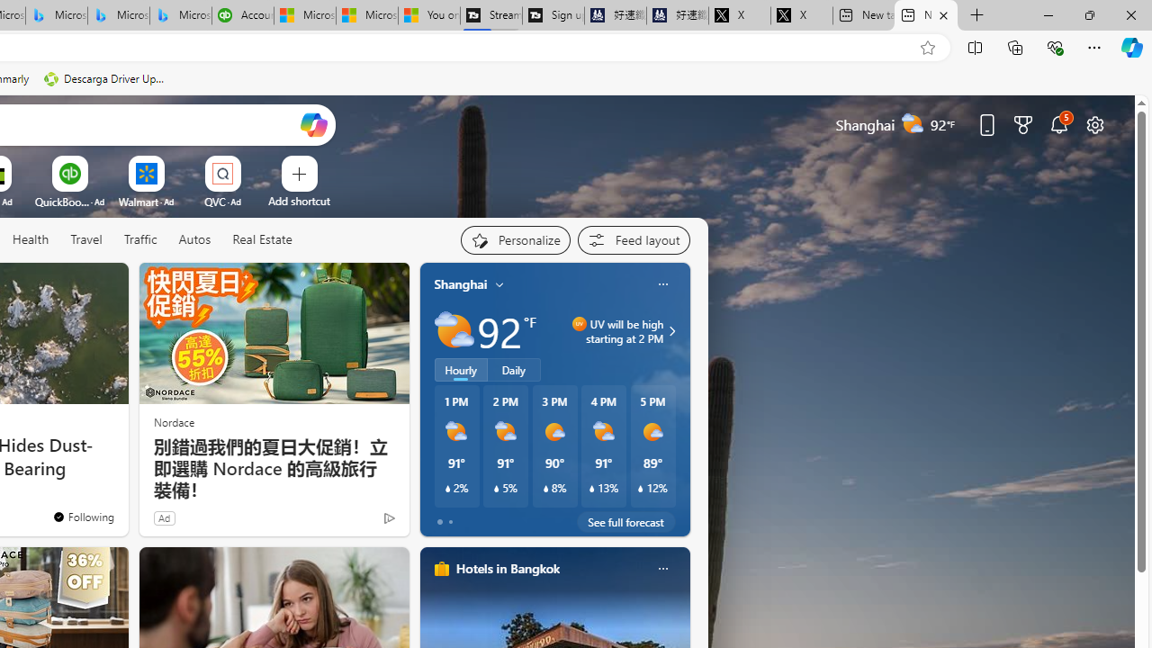 Image resolution: width=1152 pixels, height=648 pixels. Describe the element at coordinates (661, 568) in the screenshot. I see `'More options'` at that location.